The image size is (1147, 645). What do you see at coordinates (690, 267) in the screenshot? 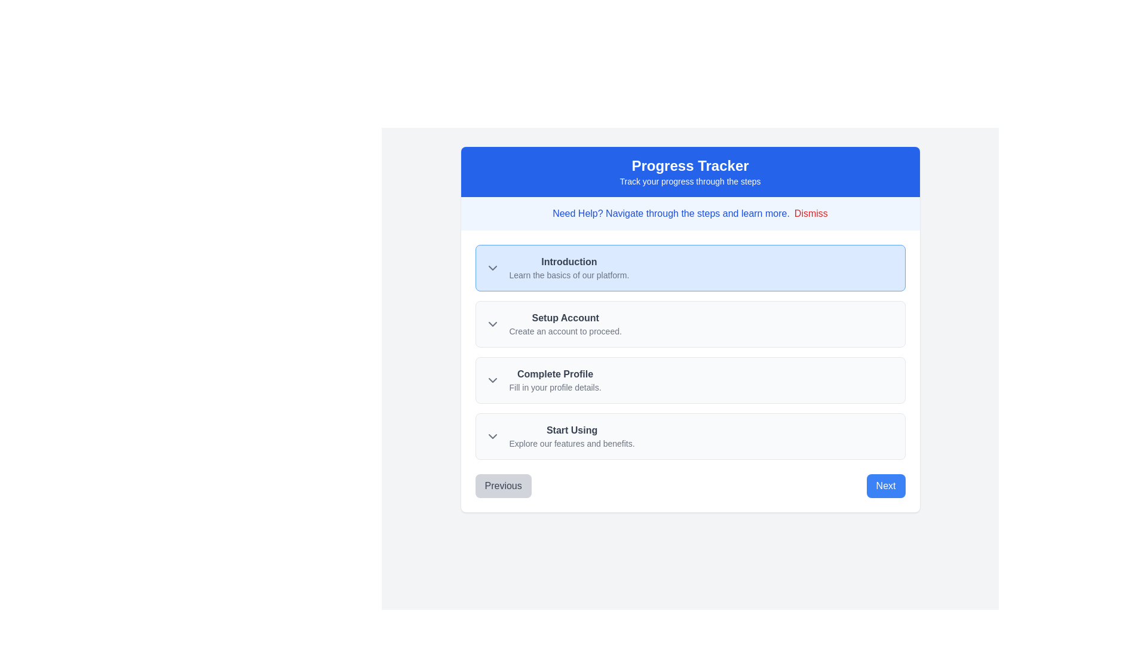
I see `the informational card at the top of the progress tracker interface for interaction` at bounding box center [690, 267].